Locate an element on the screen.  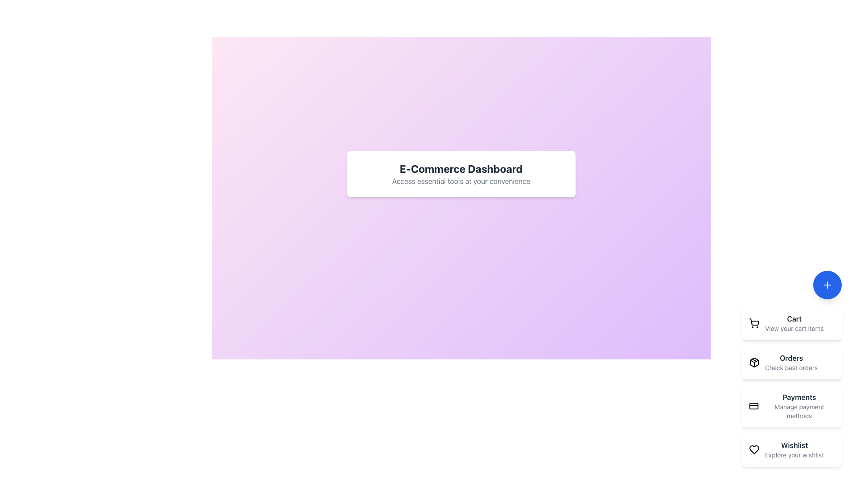
the heart-shaped icon adjacent to the 'Wishlist' label in the right-aligned menu, which is the fourth option in the list of vertically stacked menu items is located at coordinates (753, 450).